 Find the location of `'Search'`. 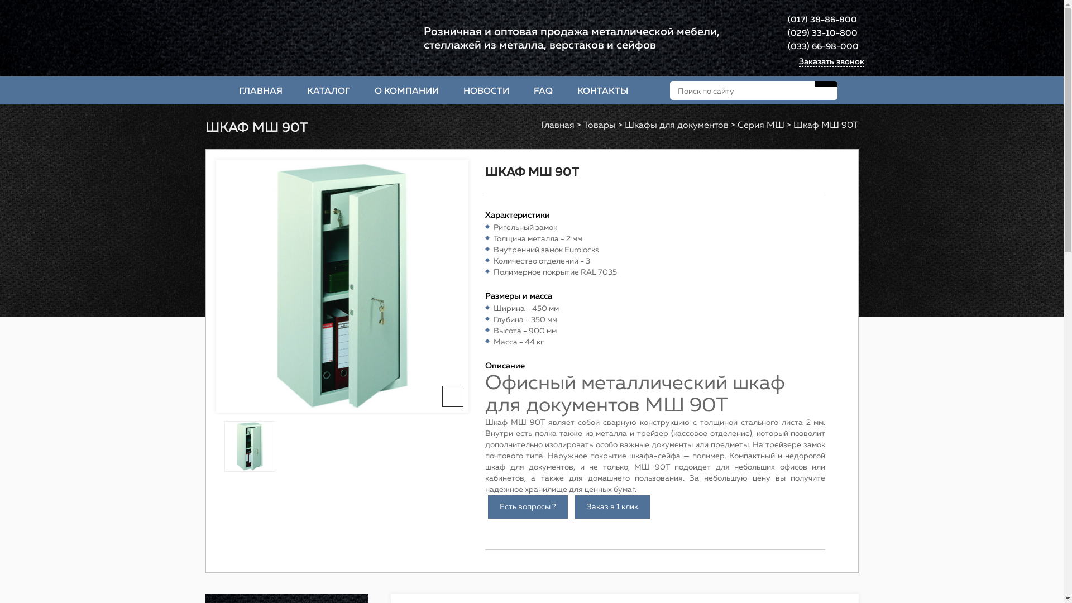

'Search' is located at coordinates (826, 83).